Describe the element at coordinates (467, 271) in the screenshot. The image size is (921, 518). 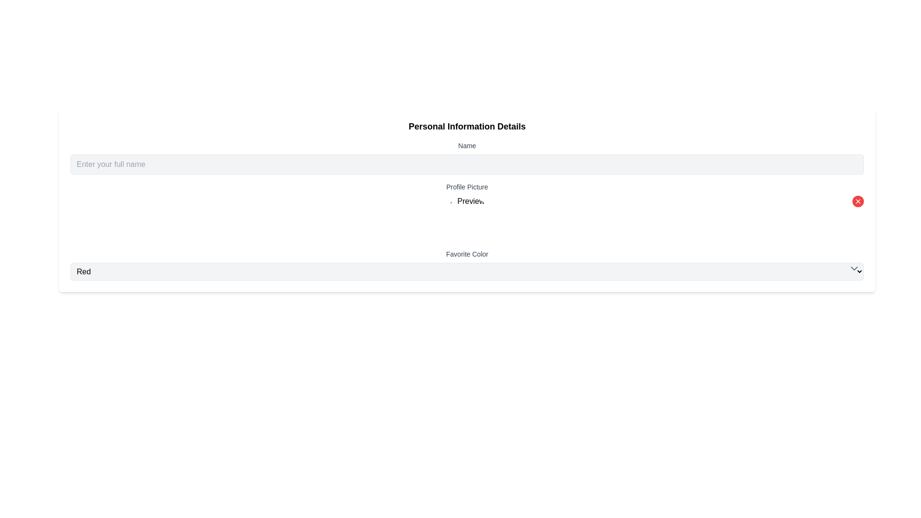
I see `the dropdown menu for accessibility` at that location.